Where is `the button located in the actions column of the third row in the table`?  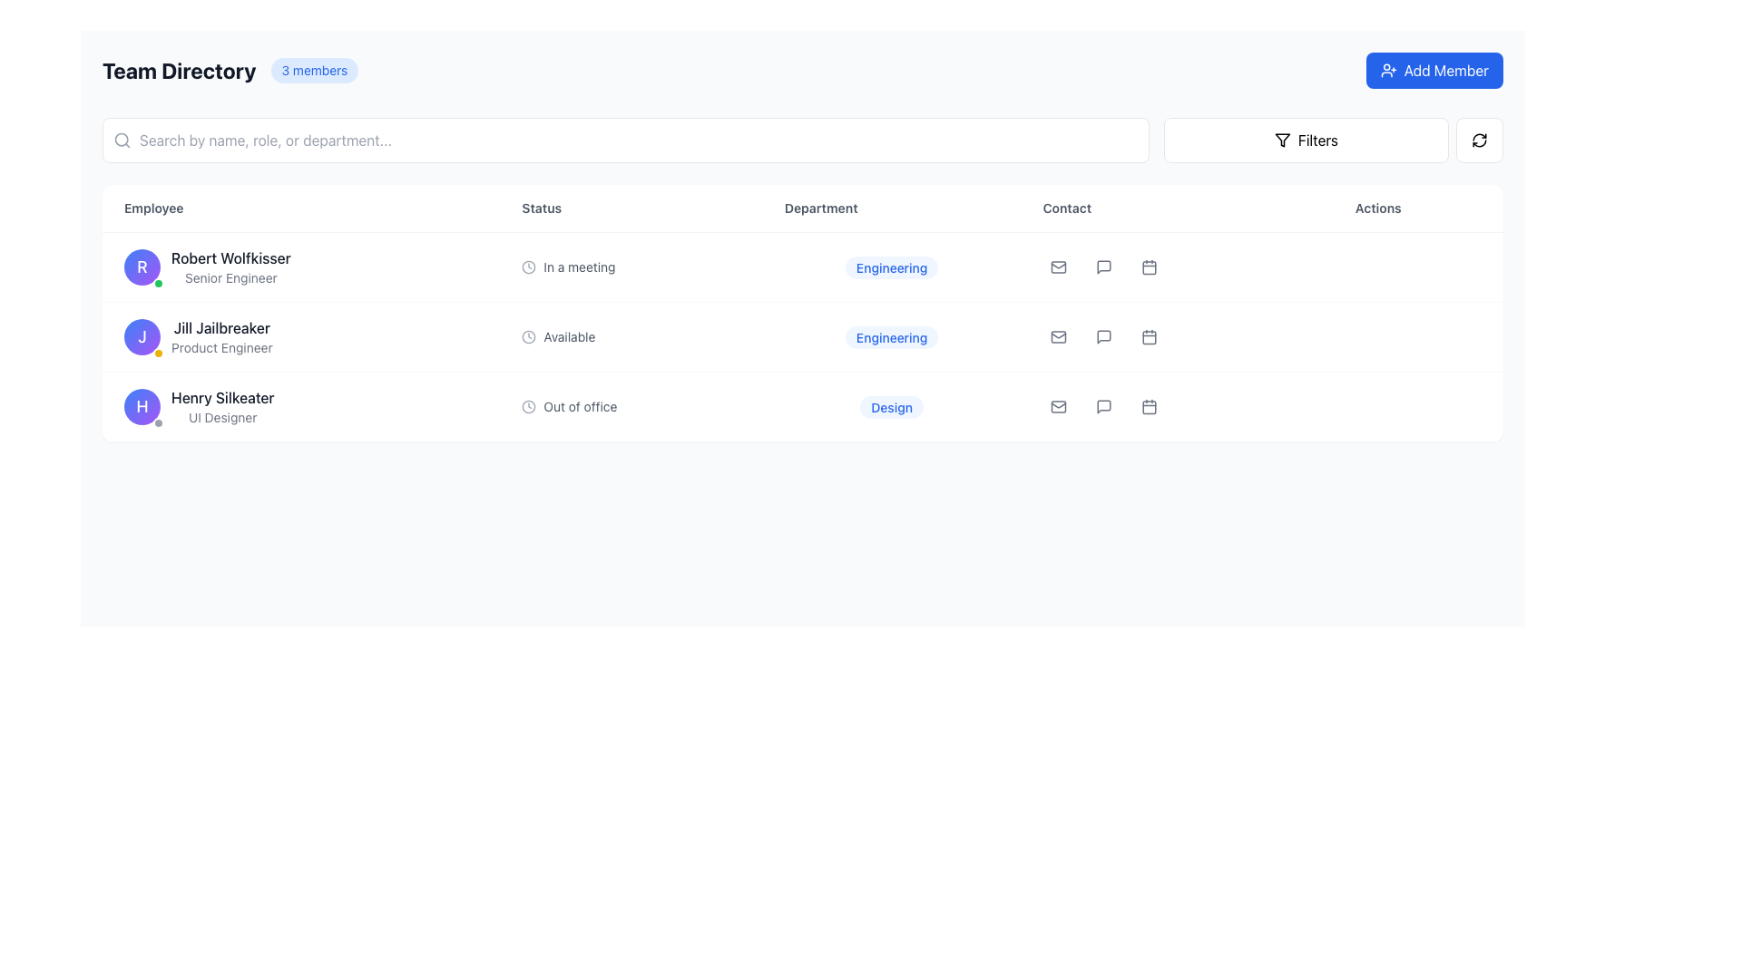 the button located in the actions column of the third row in the table is located at coordinates (1417, 267).